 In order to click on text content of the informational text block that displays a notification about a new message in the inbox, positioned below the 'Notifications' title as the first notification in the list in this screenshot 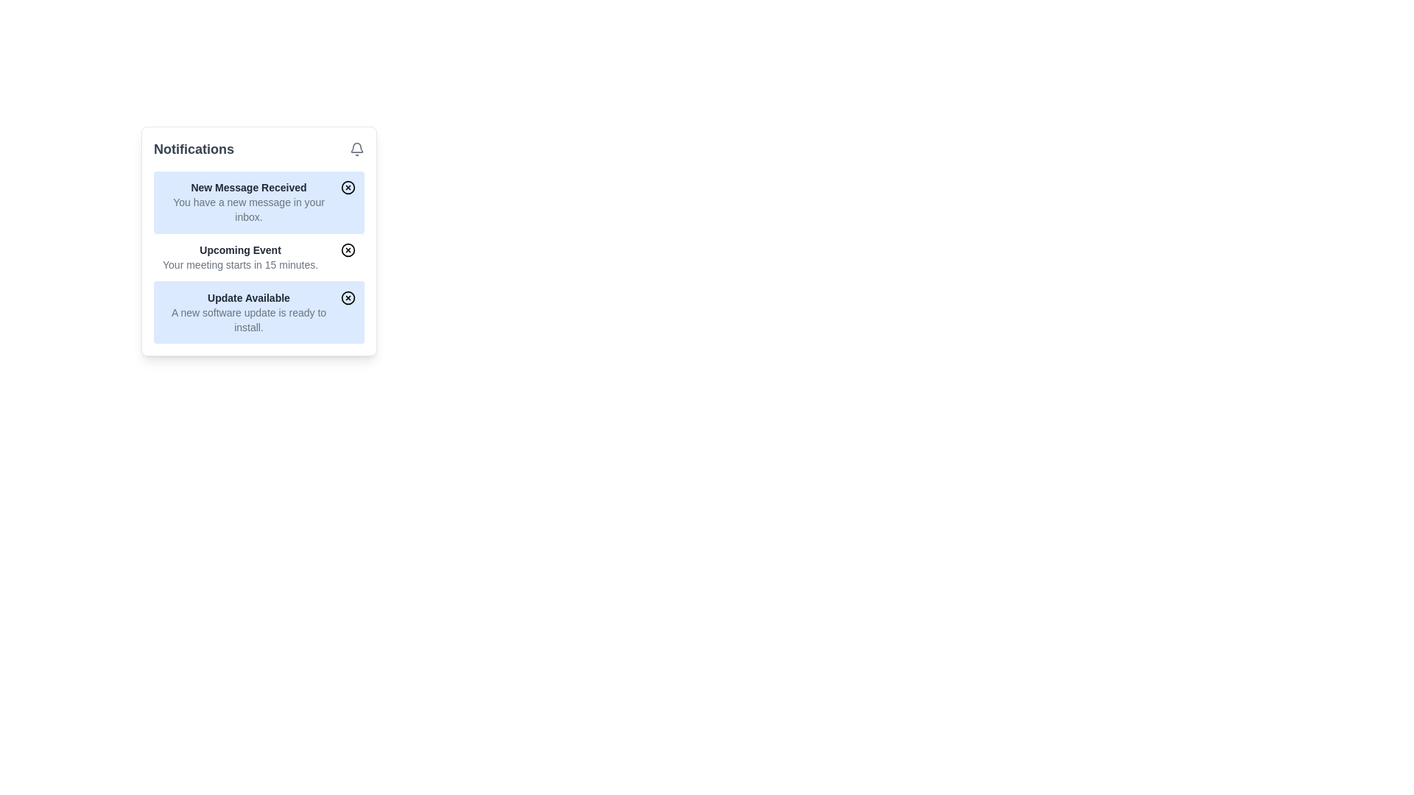, I will do `click(248, 202)`.